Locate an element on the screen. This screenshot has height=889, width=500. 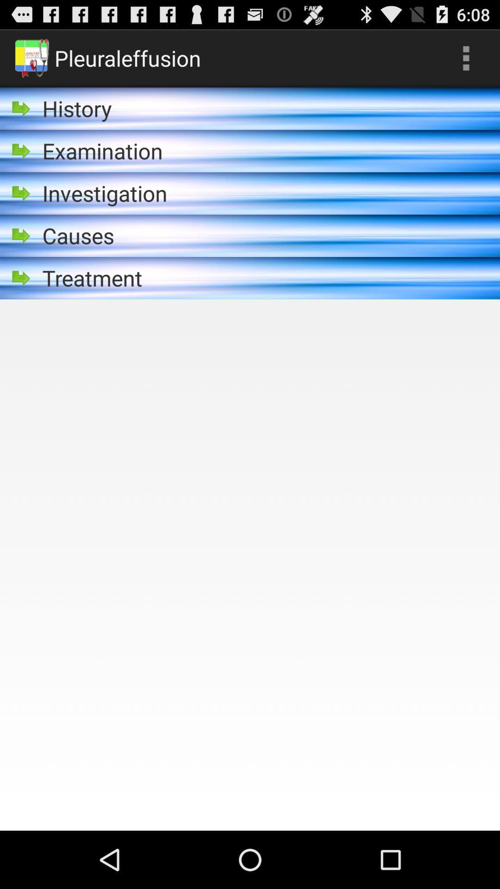
item to the right of pleuraleffusion icon is located at coordinates (466, 57).